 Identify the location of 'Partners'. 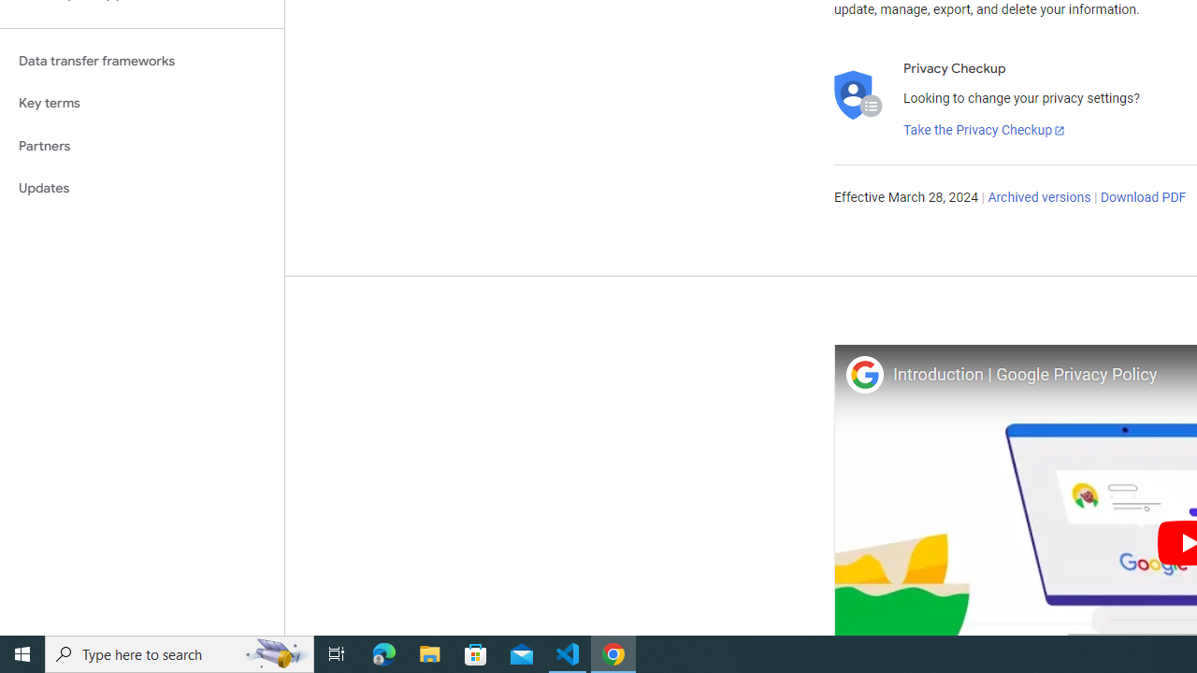
(141, 145).